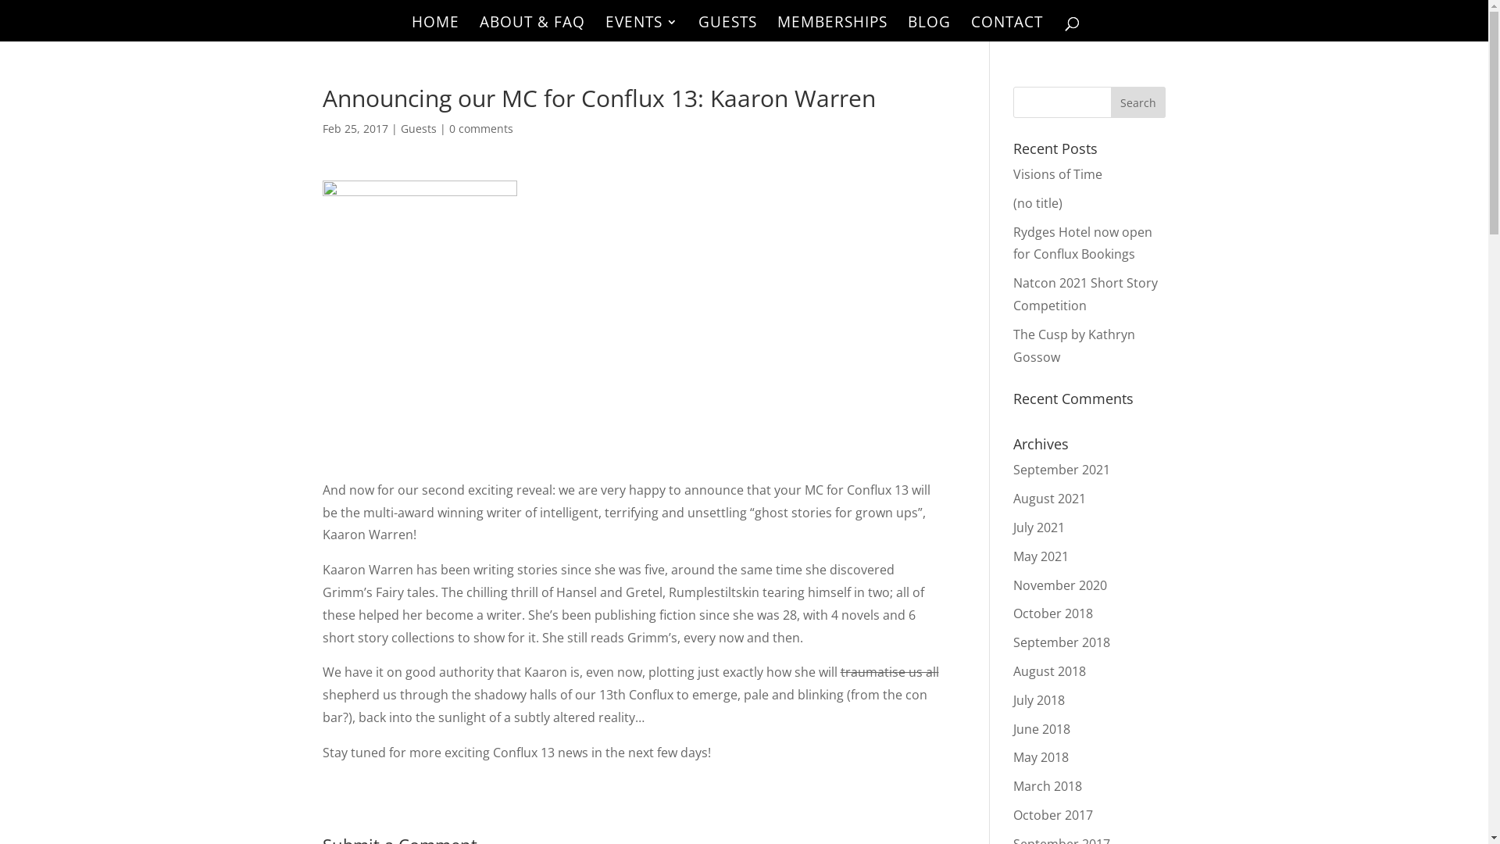 Image resolution: width=1500 pixels, height=844 pixels. I want to click on '(no title)', so click(1037, 202).